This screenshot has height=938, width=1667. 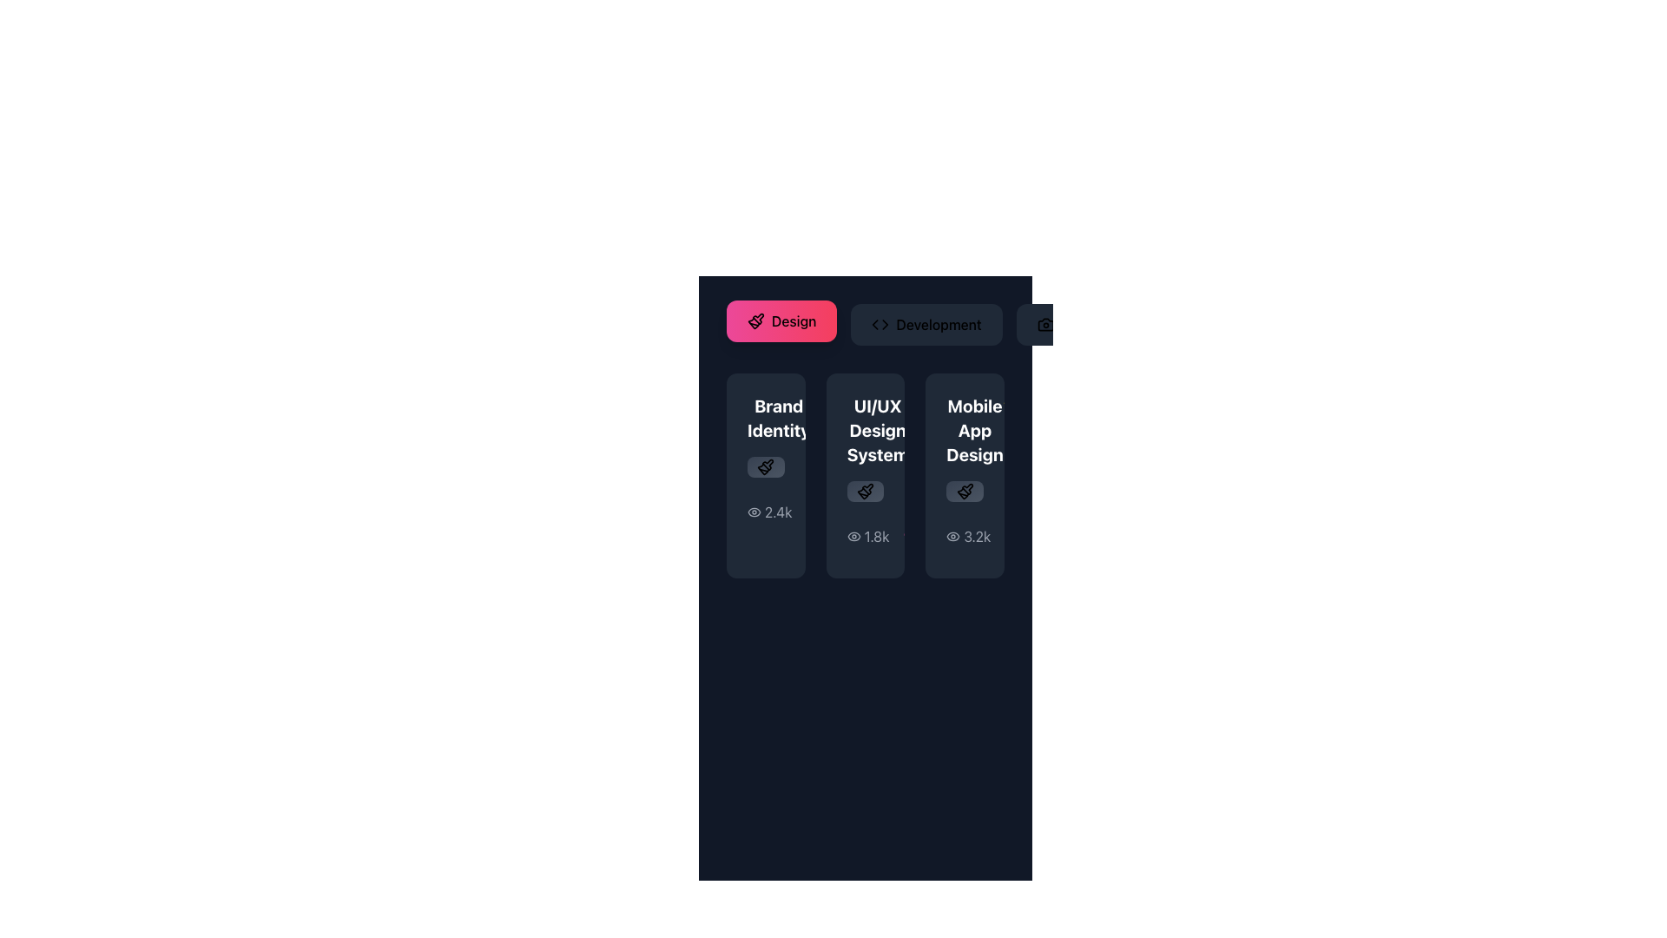 I want to click on the third card, so click(x=964, y=475).